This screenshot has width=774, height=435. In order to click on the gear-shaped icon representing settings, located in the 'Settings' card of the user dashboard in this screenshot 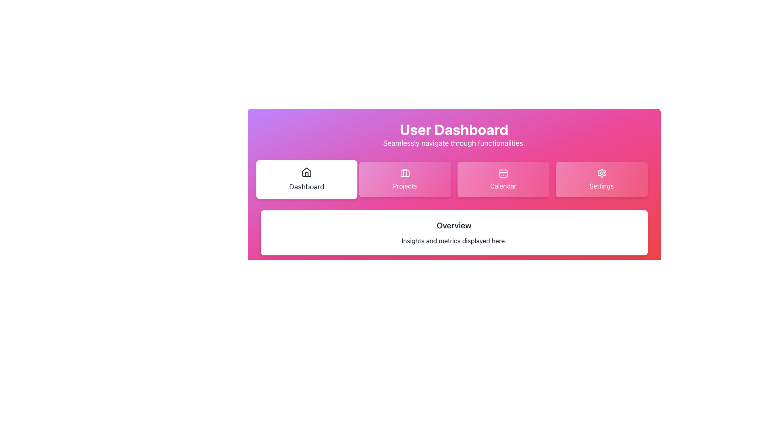, I will do `click(601, 172)`.